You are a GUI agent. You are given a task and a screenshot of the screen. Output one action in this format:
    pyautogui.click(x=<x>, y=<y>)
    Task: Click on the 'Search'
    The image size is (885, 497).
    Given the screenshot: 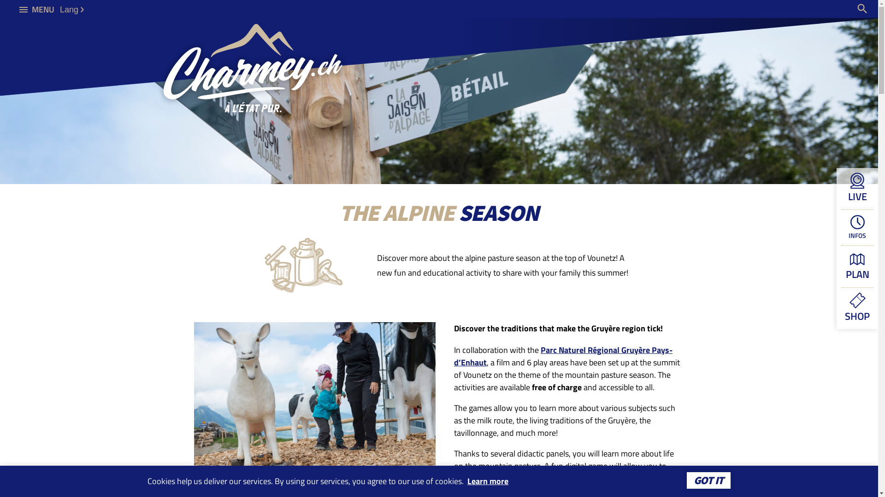 What is the action you would take?
    pyautogui.click(x=836, y=9)
    